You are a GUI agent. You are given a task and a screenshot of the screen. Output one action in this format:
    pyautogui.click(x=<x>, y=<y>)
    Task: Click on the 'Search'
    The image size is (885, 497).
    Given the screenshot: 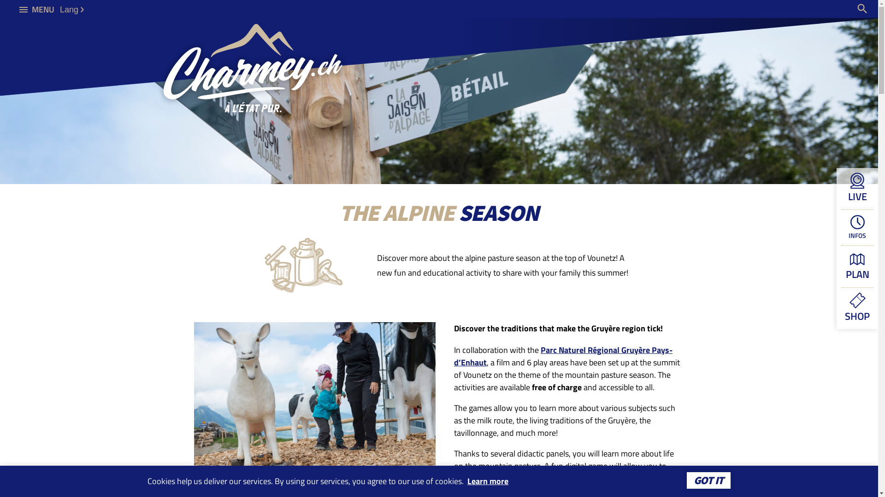 What is the action you would take?
    pyautogui.click(x=836, y=9)
    